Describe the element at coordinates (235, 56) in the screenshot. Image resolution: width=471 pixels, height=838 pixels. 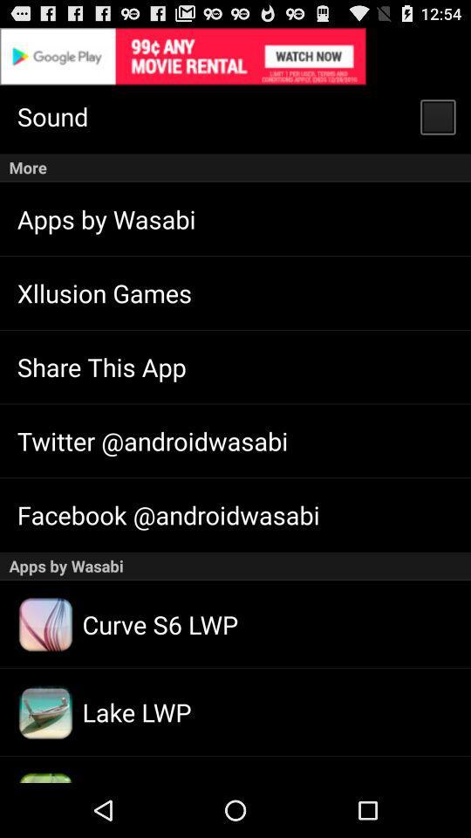
I see `the advertised site` at that location.